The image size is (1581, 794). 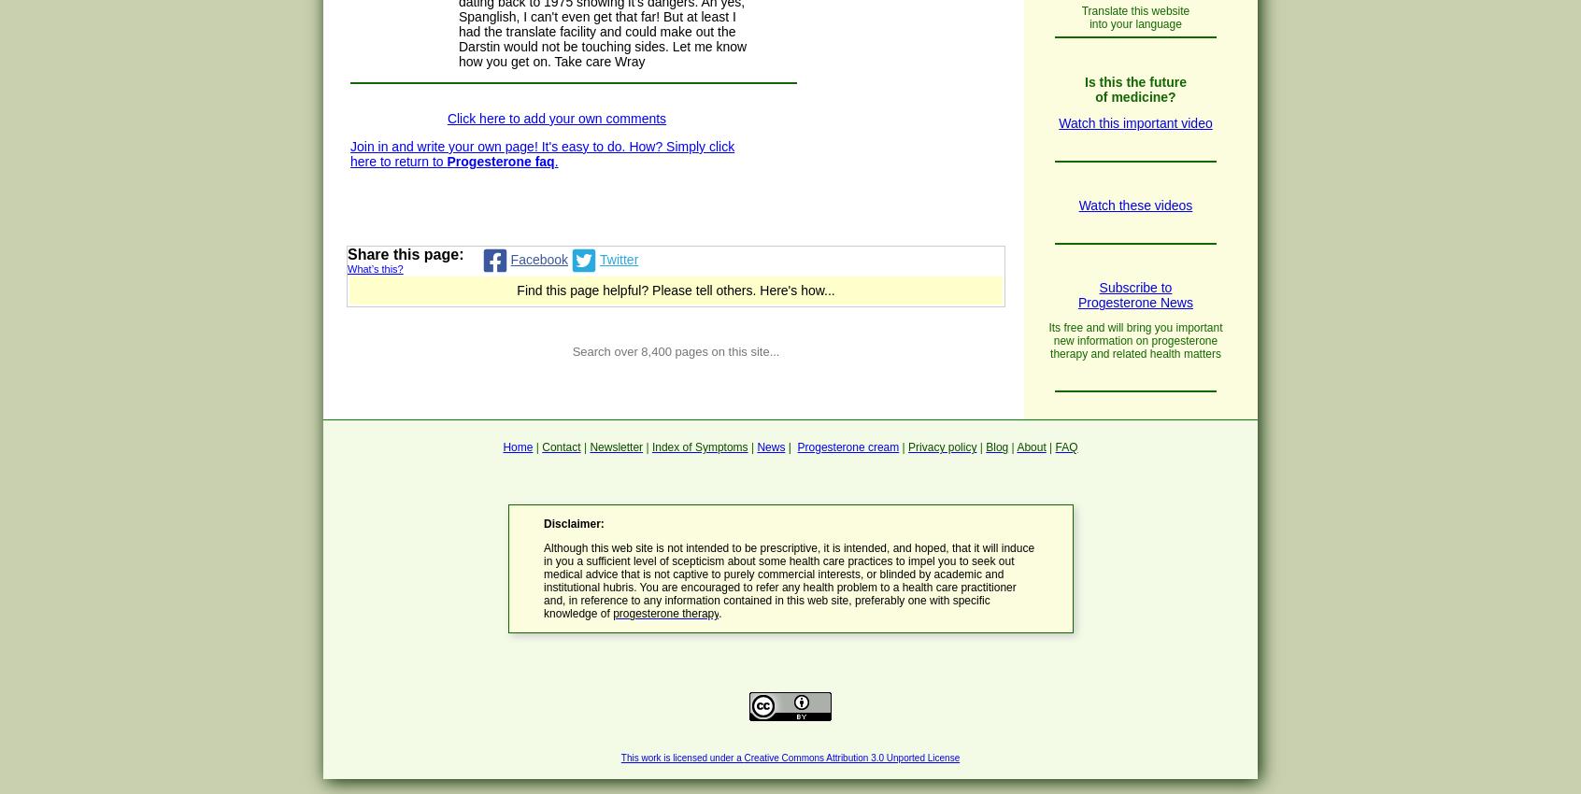 I want to click on 'Although this web site is not intended to be prescriptive, it is intended, and hoped, that it will induce in you a sufficient level of scepticism about some health care practices to impel you to seek out medical advice that is not captive to purely commercial interests, or blinded by academic and institutional hubris. You are encouraged to refer any health problem to a health care practitioner and, in reference to any information contained in this web site, preferably one with specific knowledge of', so click(x=543, y=580).